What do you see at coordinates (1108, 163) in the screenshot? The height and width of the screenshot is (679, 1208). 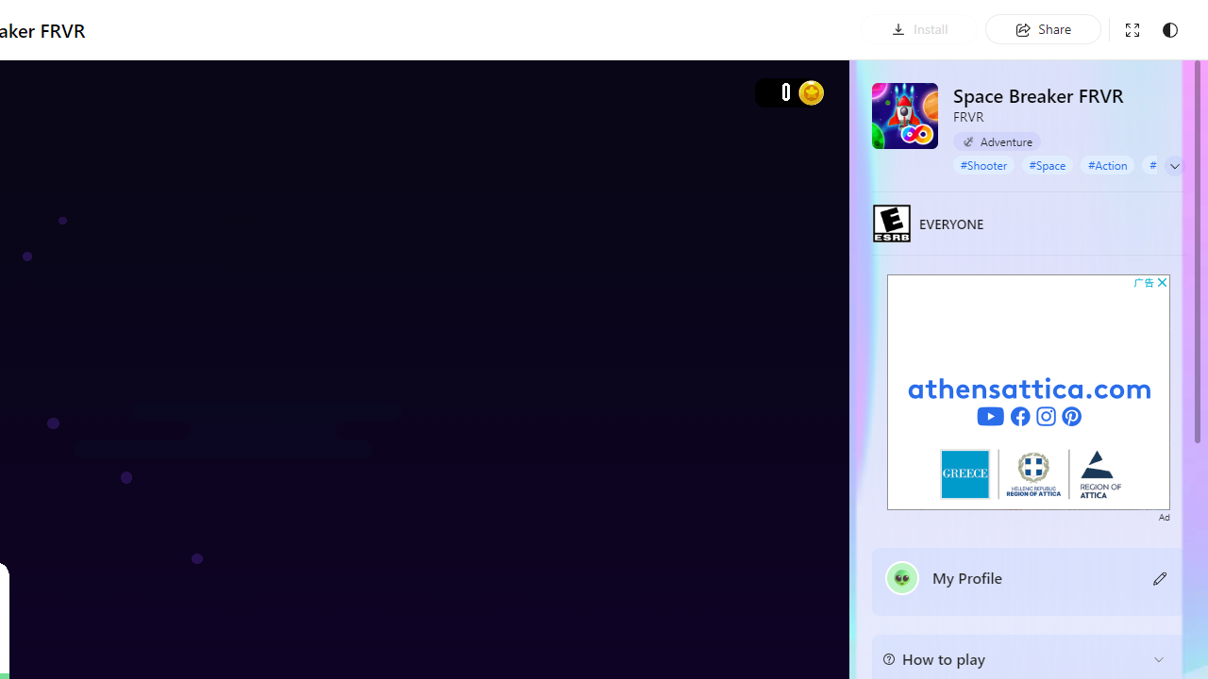 I see `'#Action'` at bounding box center [1108, 163].